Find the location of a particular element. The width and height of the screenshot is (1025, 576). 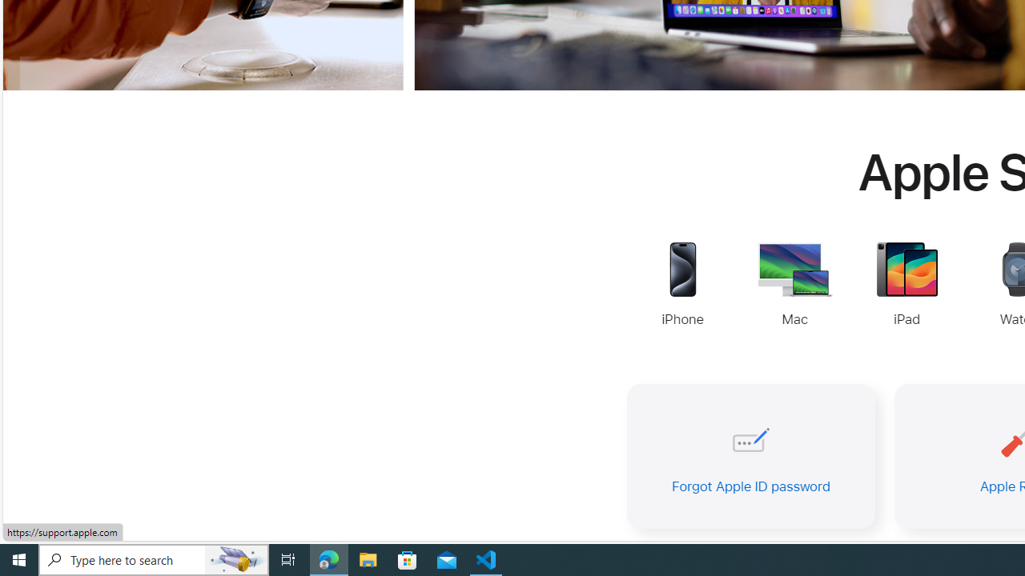

'Forgot Apple ID password' is located at coordinates (750, 456).